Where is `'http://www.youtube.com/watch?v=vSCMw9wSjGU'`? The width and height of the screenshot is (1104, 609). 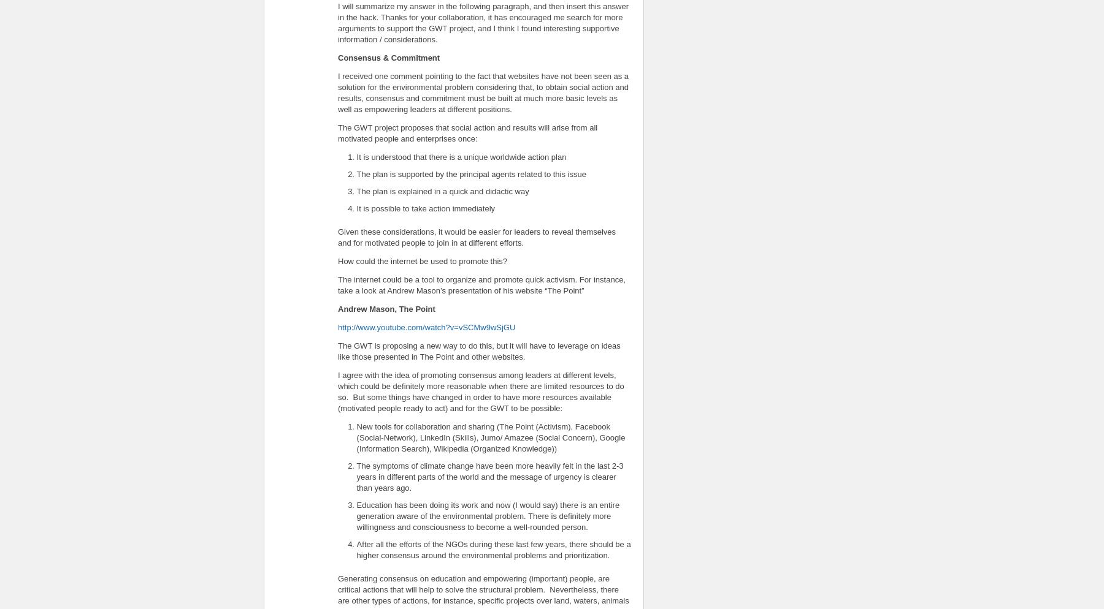
'http://www.youtube.com/watch?v=vSCMw9wSjGU' is located at coordinates (426, 326).